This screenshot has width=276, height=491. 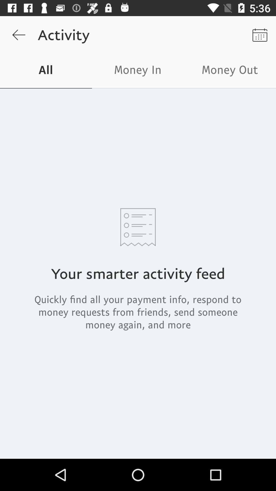 I want to click on money out item, so click(x=229, y=71).